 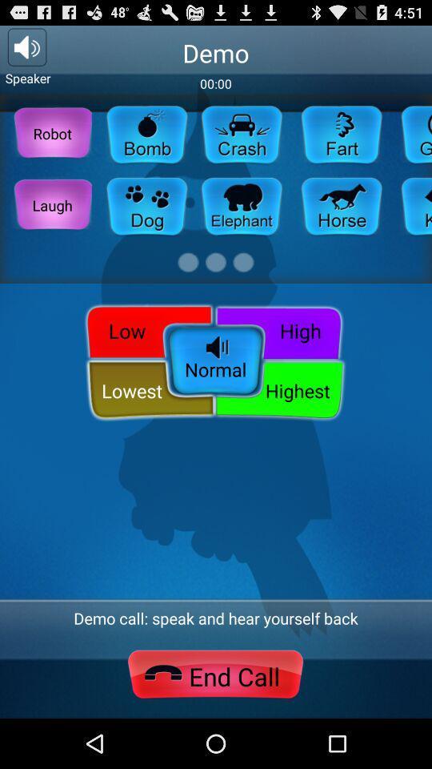 What do you see at coordinates (146, 329) in the screenshot?
I see `low icon` at bounding box center [146, 329].